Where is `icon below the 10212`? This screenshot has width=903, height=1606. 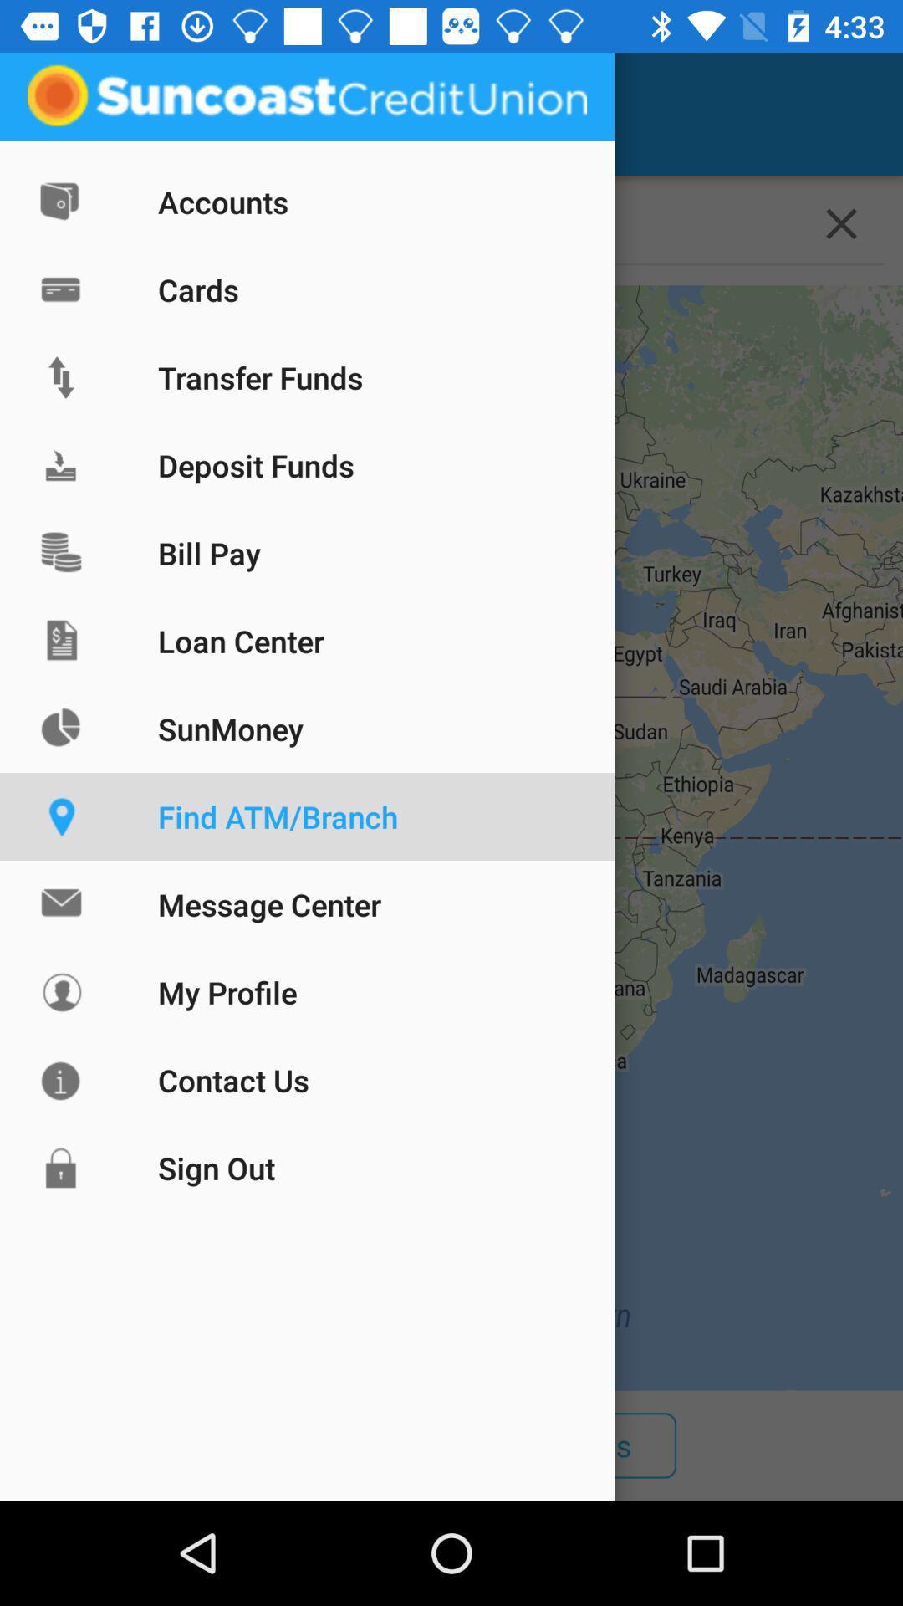
icon below the 10212 is located at coordinates (451, 838).